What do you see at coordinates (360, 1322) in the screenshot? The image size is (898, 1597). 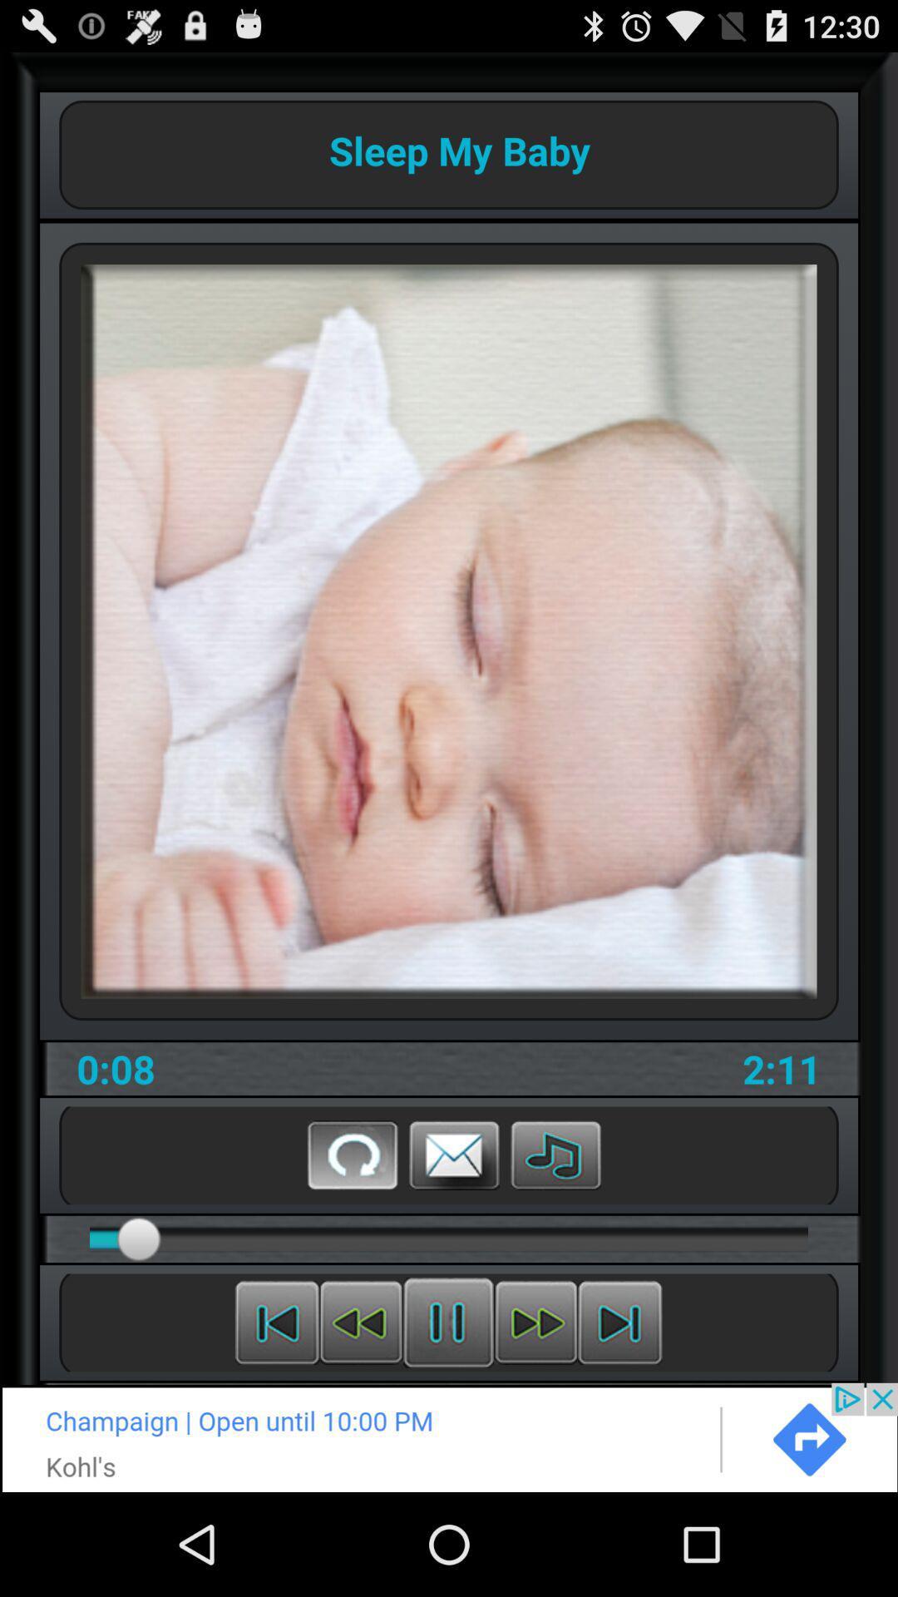 I see `scroll back on current media file` at bounding box center [360, 1322].